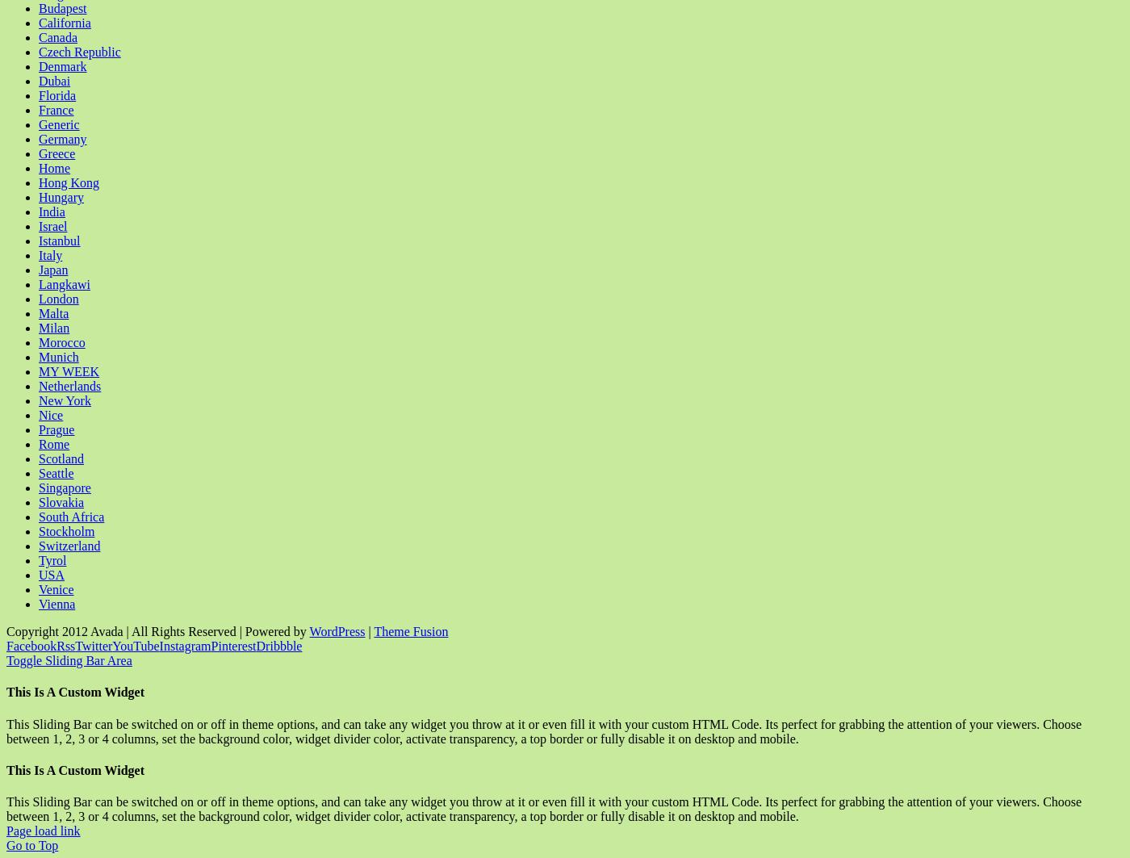  What do you see at coordinates (56, 472) in the screenshot?
I see `'Seattle'` at bounding box center [56, 472].